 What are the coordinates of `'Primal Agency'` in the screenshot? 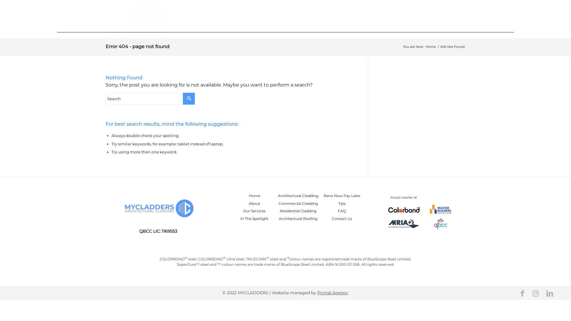 It's located at (317, 292).